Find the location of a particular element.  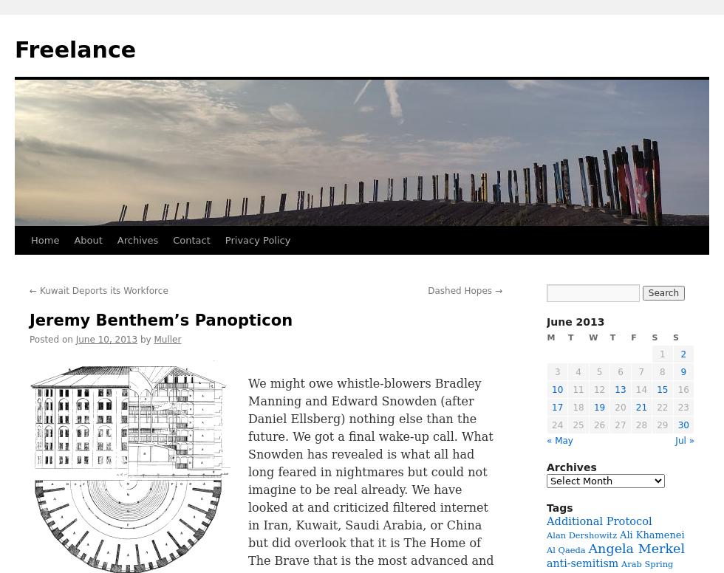

'25' is located at coordinates (572, 425).